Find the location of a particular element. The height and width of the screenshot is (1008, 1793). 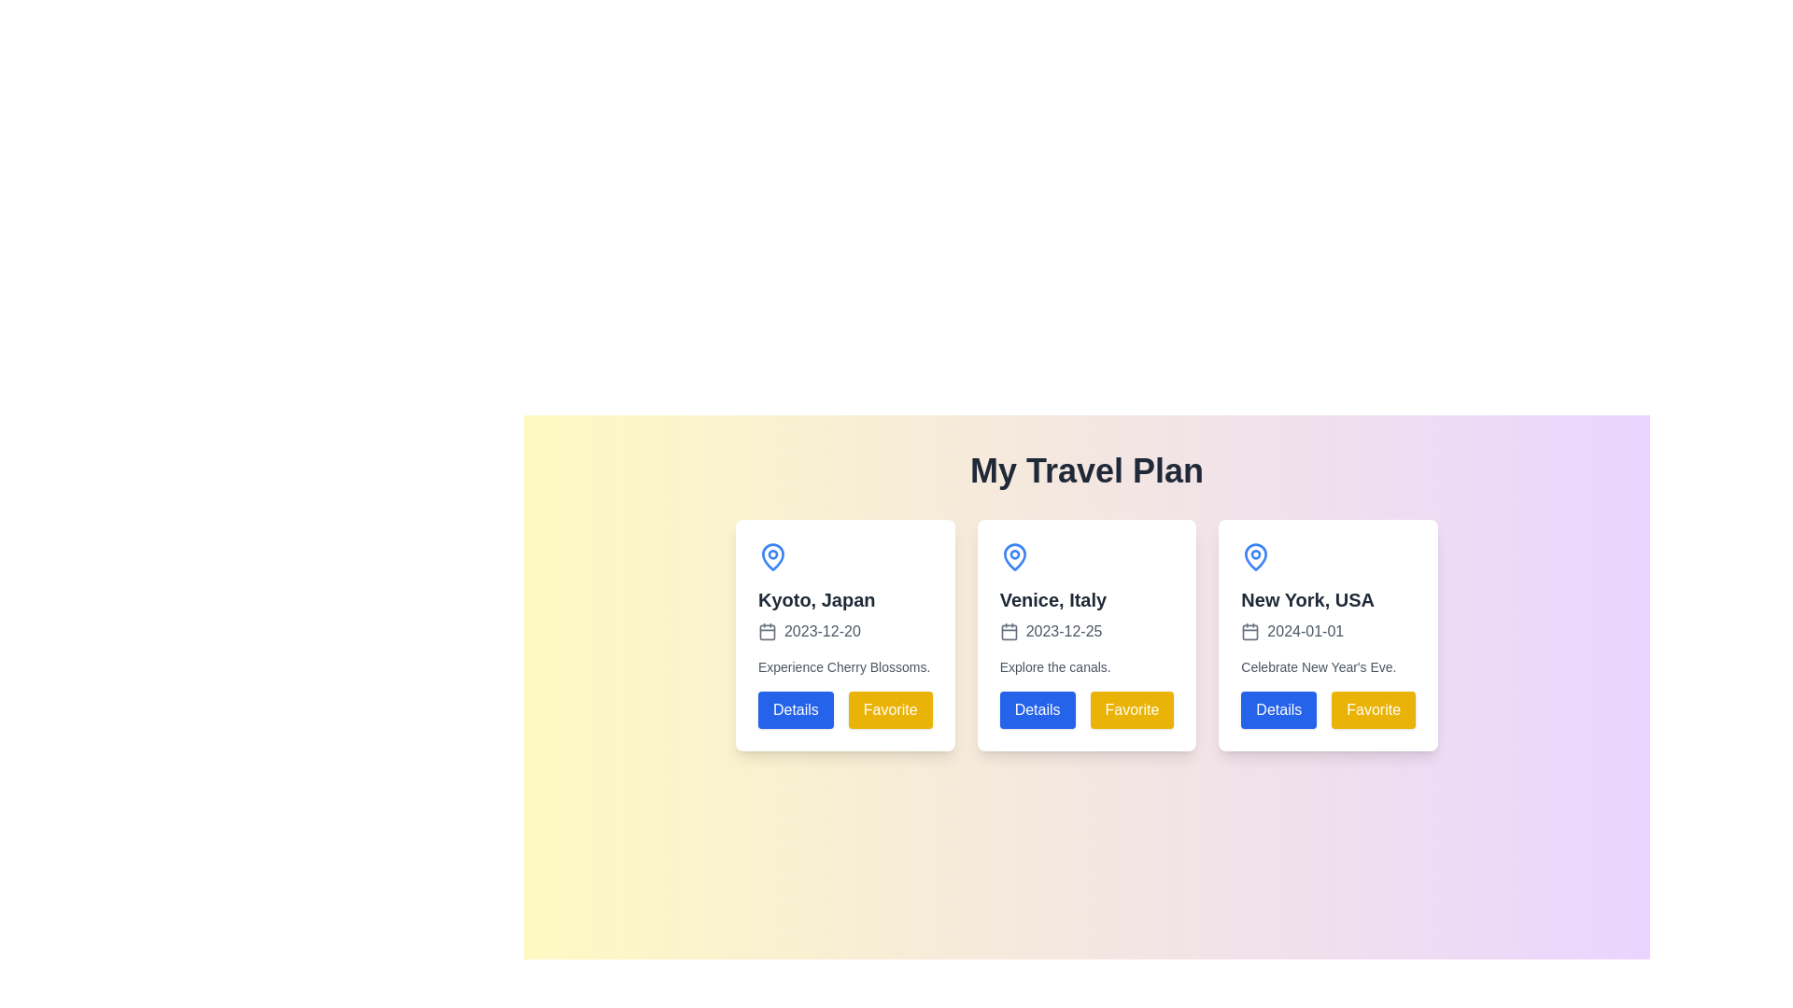

title 'Venice, Italy', which is a bold text label located in the central card of three within the travel plan section is located at coordinates (1052, 600).